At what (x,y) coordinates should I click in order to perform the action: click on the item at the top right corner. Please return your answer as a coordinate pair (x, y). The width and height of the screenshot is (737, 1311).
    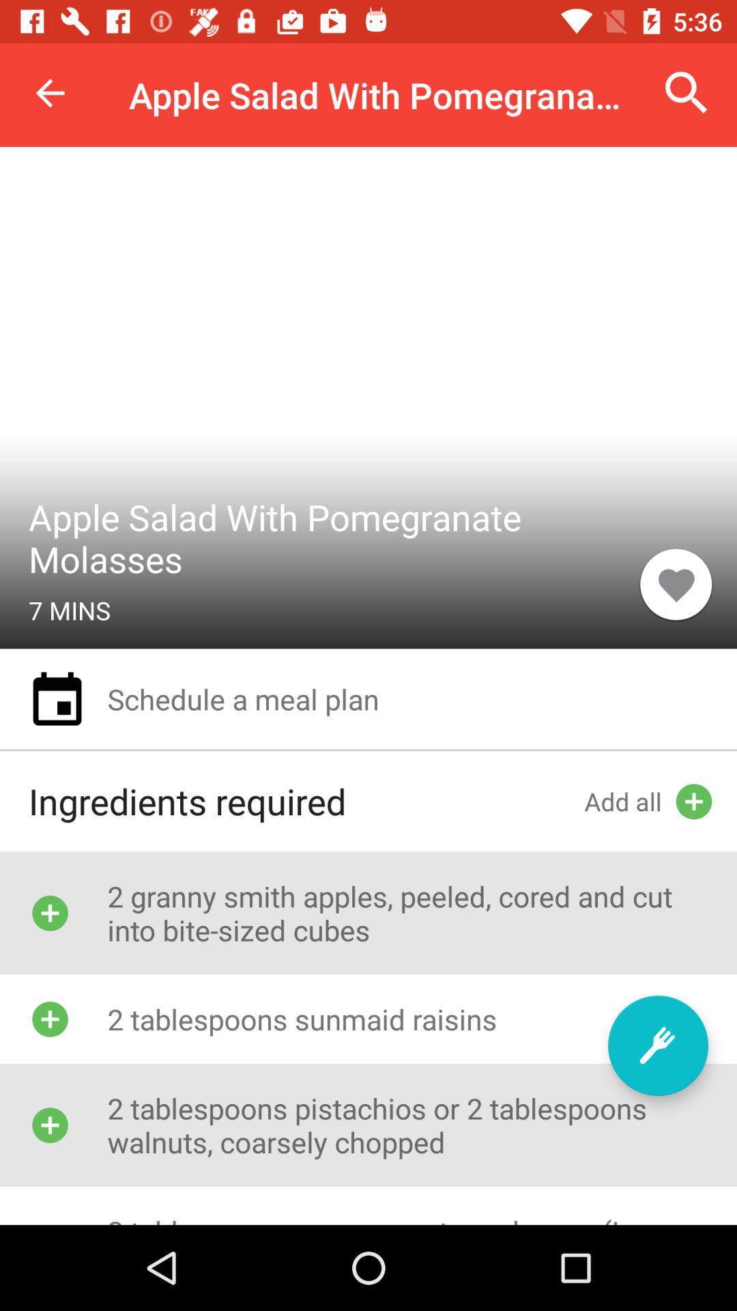
    Looking at the image, I should click on (687, 92).